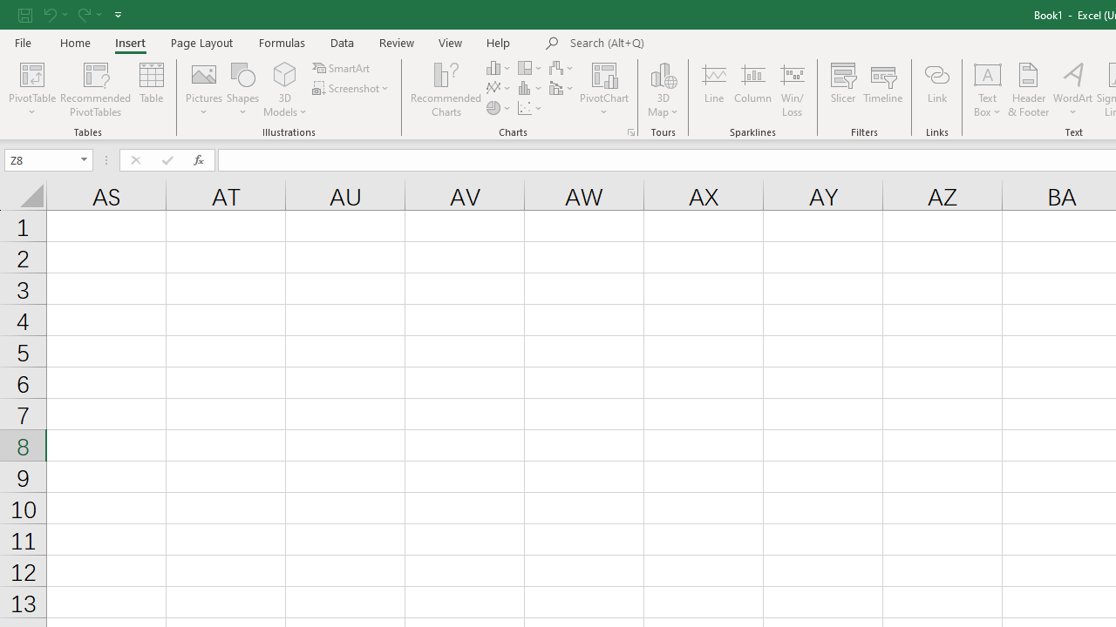 The width and height of the screenshot is (1116, 627). I want to click on 'Insert Scatter (X, Y) or Bubble Chart', so click(530, 108).